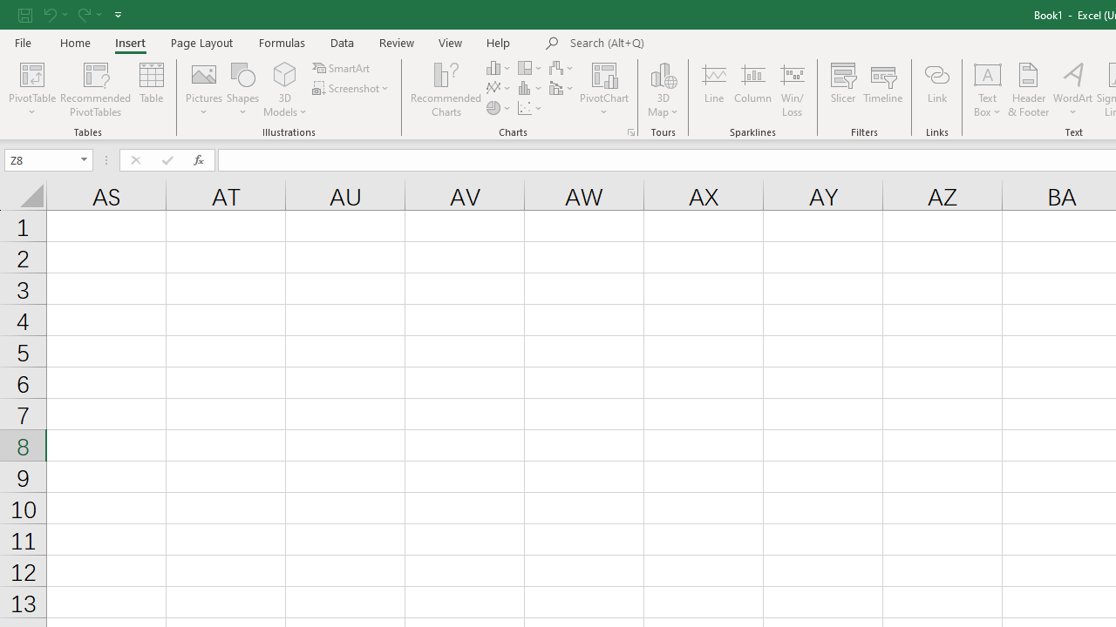 The width and height of the screenshot is (1116, 627). I want to click on 'Insert Scatter (X, Y) or Bubble Chart', so click(530, 108).